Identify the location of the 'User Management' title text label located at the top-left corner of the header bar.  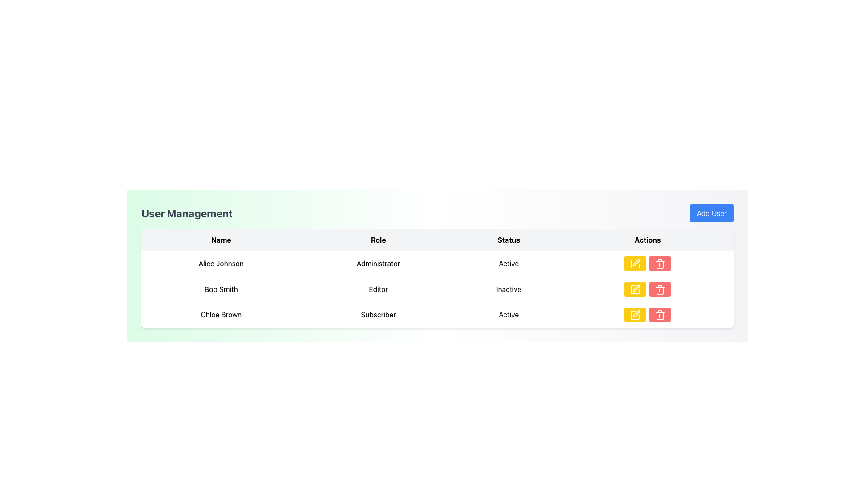
(186, 213).